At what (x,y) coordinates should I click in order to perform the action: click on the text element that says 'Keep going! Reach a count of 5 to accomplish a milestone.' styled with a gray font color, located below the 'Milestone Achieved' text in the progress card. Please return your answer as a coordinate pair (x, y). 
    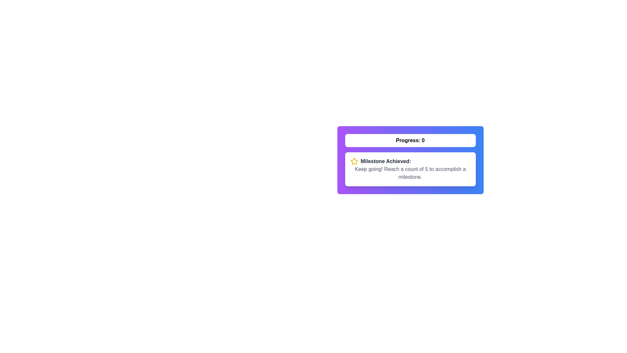
    Looking at the image, I should click on (410, 173).